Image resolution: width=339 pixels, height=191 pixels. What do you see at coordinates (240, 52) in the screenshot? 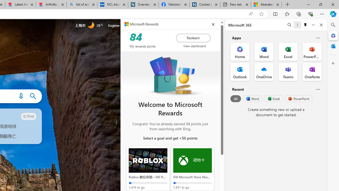
I see `'Home Office App'` at bounding box center [240, 52].